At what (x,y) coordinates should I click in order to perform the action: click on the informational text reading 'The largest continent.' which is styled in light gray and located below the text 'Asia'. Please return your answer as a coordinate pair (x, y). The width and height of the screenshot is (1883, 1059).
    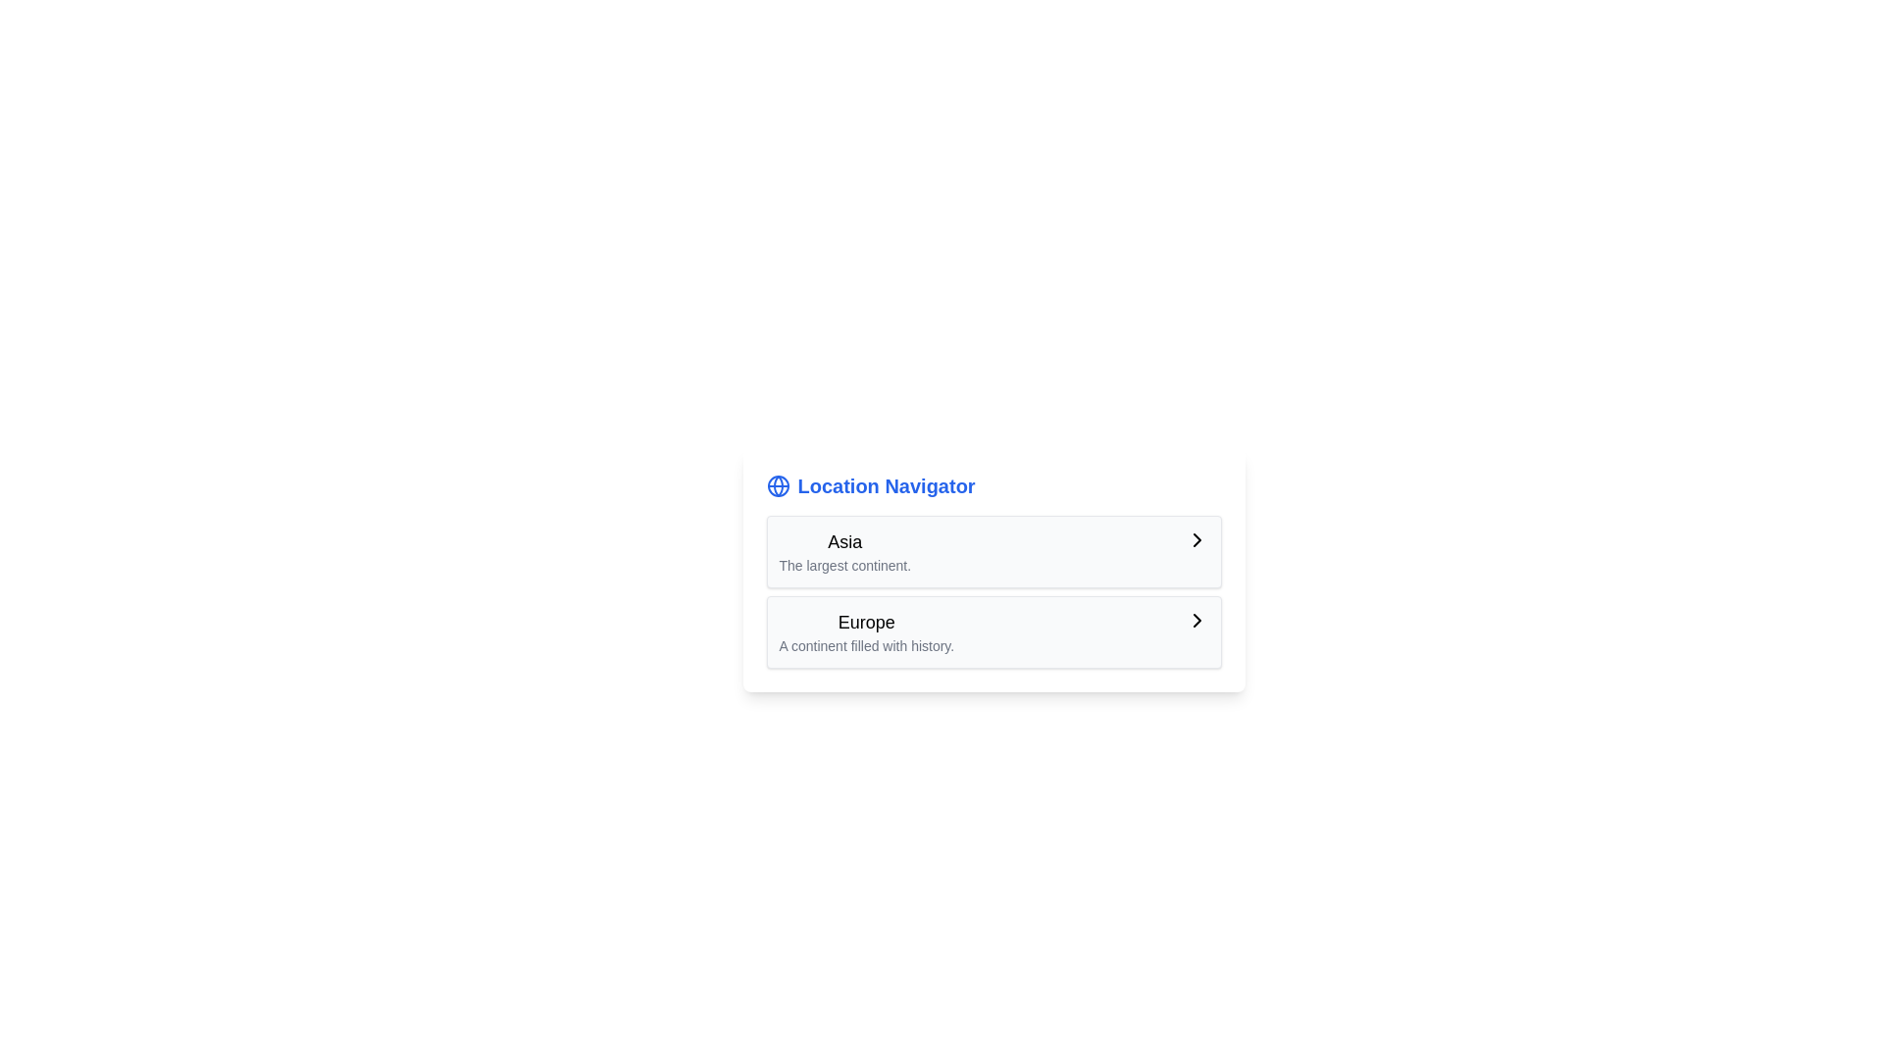
    Looking at the image, I should click on (844, 566).